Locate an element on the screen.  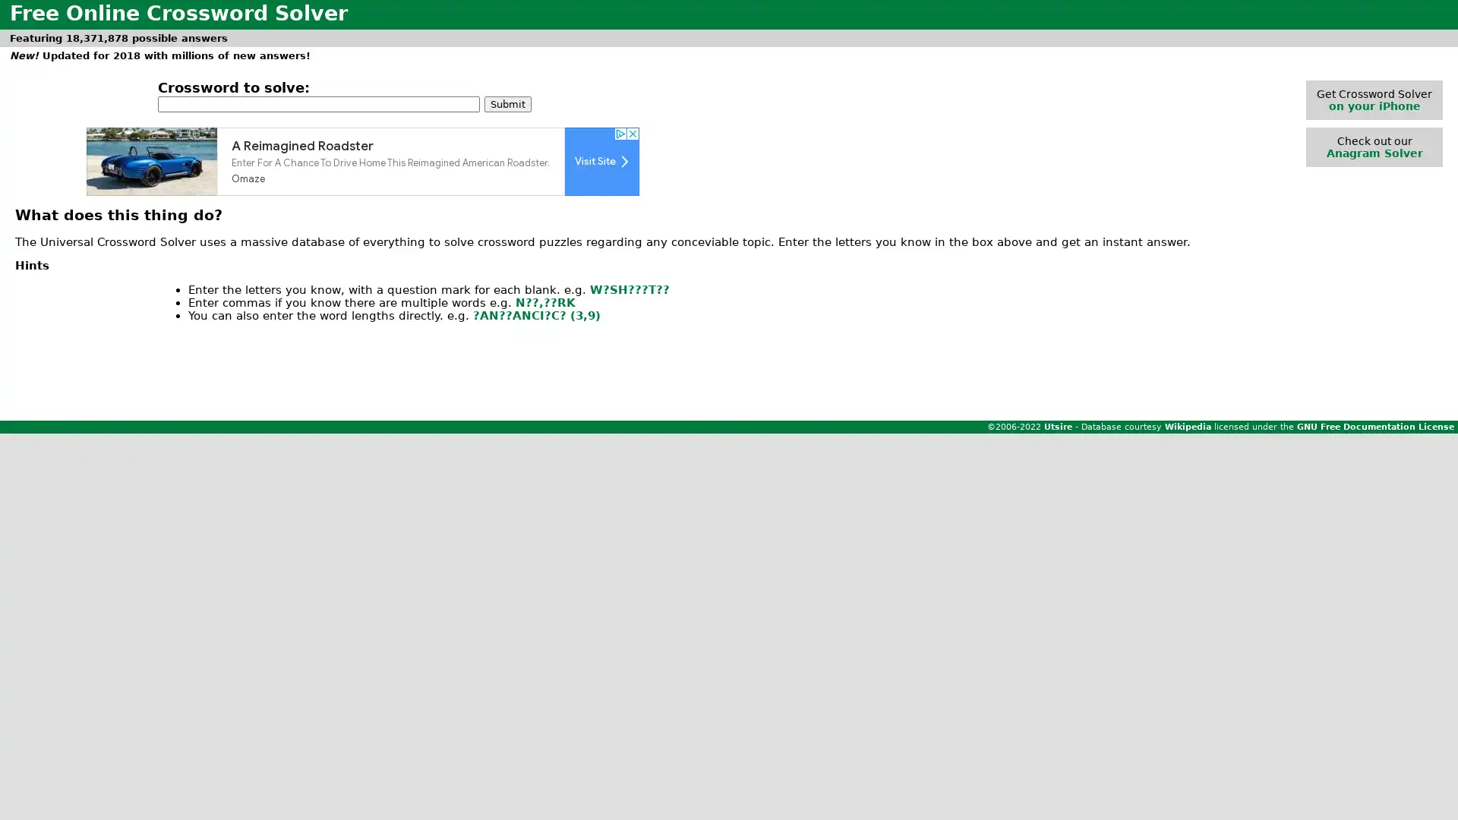
Submit is located at coordinates (507, 102).